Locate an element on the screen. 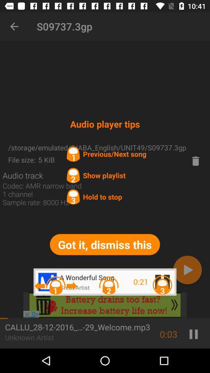 The image size is (210, 373). icon above codec amr narrow icon is located at coordinates (23, 175).